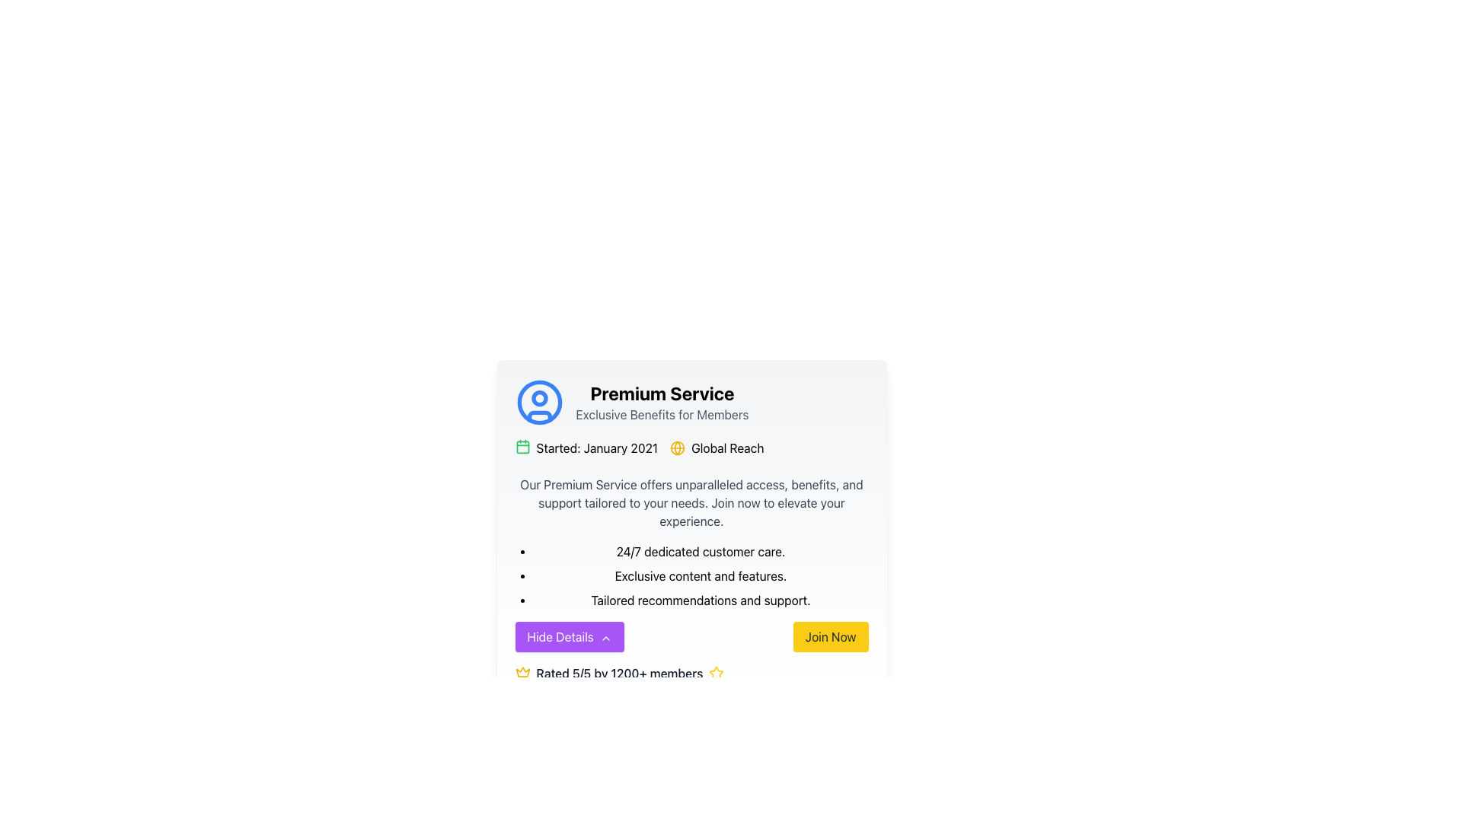 The image size is (1462, 822). I want to click on the calendar icon with a green outline, positioned to the left of the 'Started: January 2021' text, so click(522, 445).